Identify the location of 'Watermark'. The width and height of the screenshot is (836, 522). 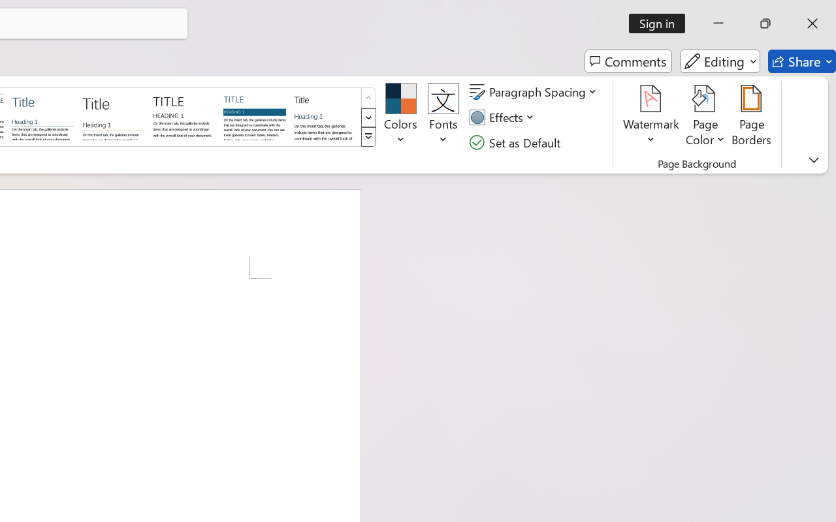
(651, 117).